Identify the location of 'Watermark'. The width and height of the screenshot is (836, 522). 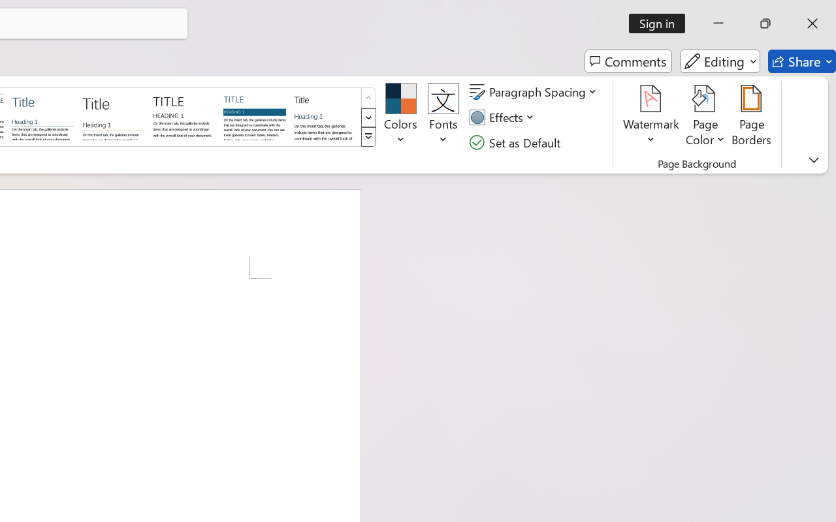
(651, 117).